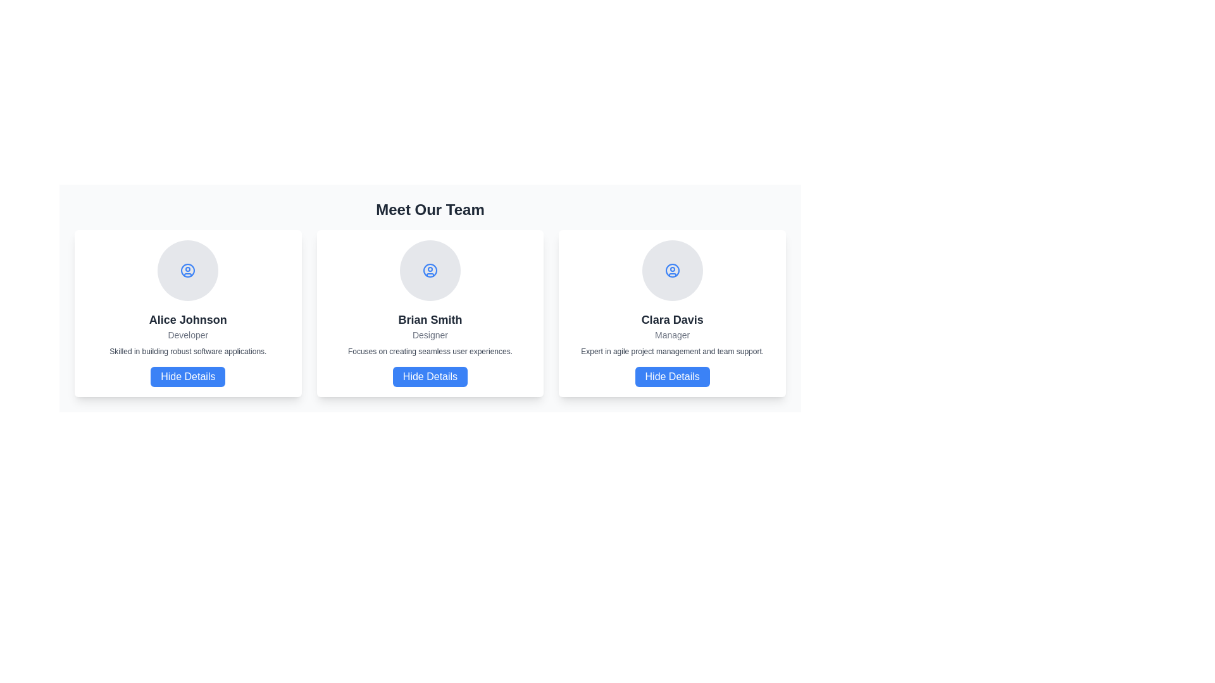  What do you see at coordinates (430, 270) in the screenshot?
I see `the circular icon with a gray background and blue outline depicting a user silhouette, located at the center top of the card for 'Brian Smith.'` at bounding box center [430, 270].